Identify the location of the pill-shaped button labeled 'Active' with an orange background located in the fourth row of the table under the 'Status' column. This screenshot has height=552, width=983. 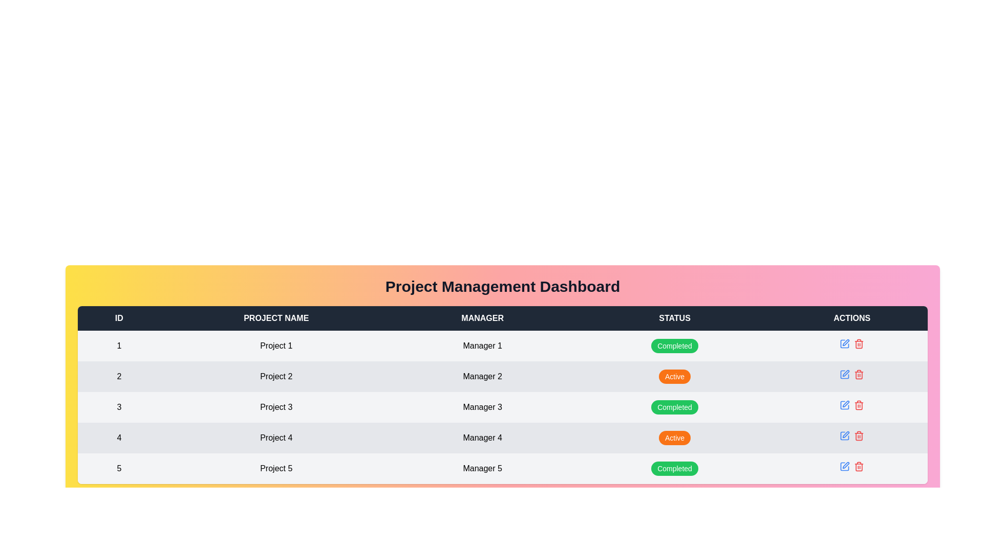
(675, 437).